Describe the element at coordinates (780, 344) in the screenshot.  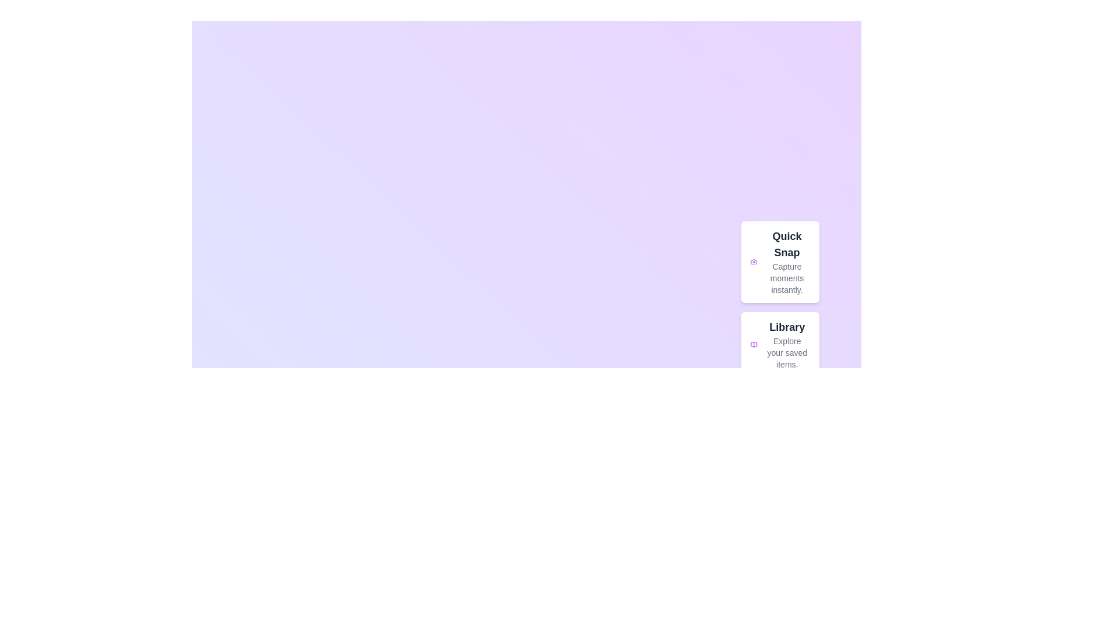
I see `the 'Library' option to explore saved items` at that location.